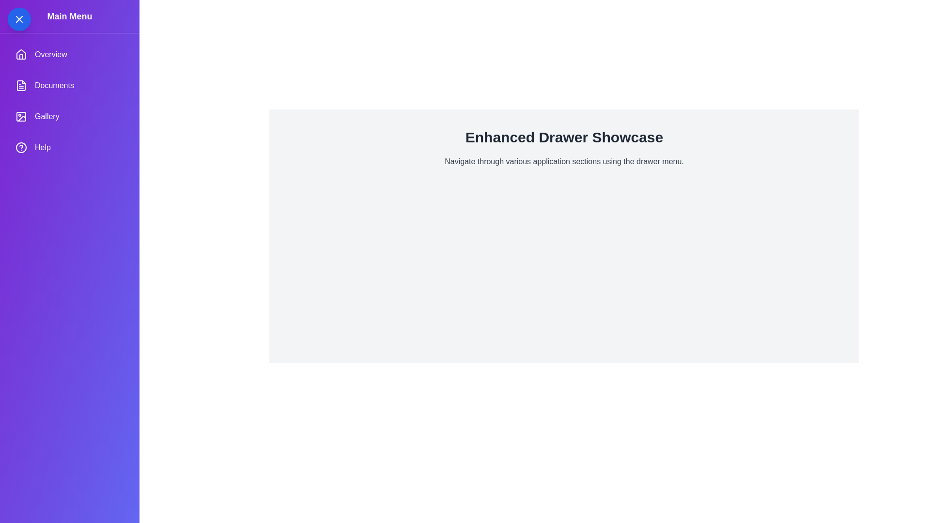 This screenshot has width=930, height=523. I want to click on the 'Documents' menu item in the drawer, so click(69, 85).